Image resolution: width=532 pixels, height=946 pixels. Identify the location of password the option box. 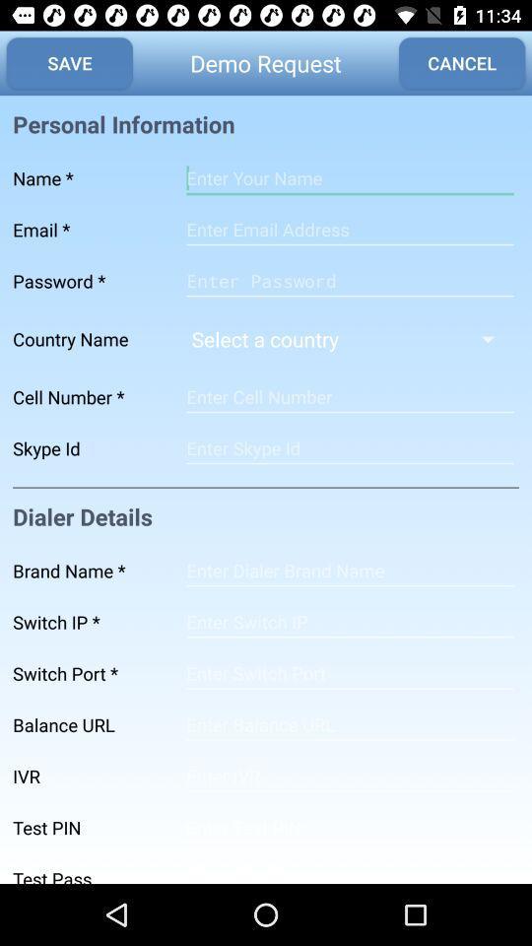
(349, 280).